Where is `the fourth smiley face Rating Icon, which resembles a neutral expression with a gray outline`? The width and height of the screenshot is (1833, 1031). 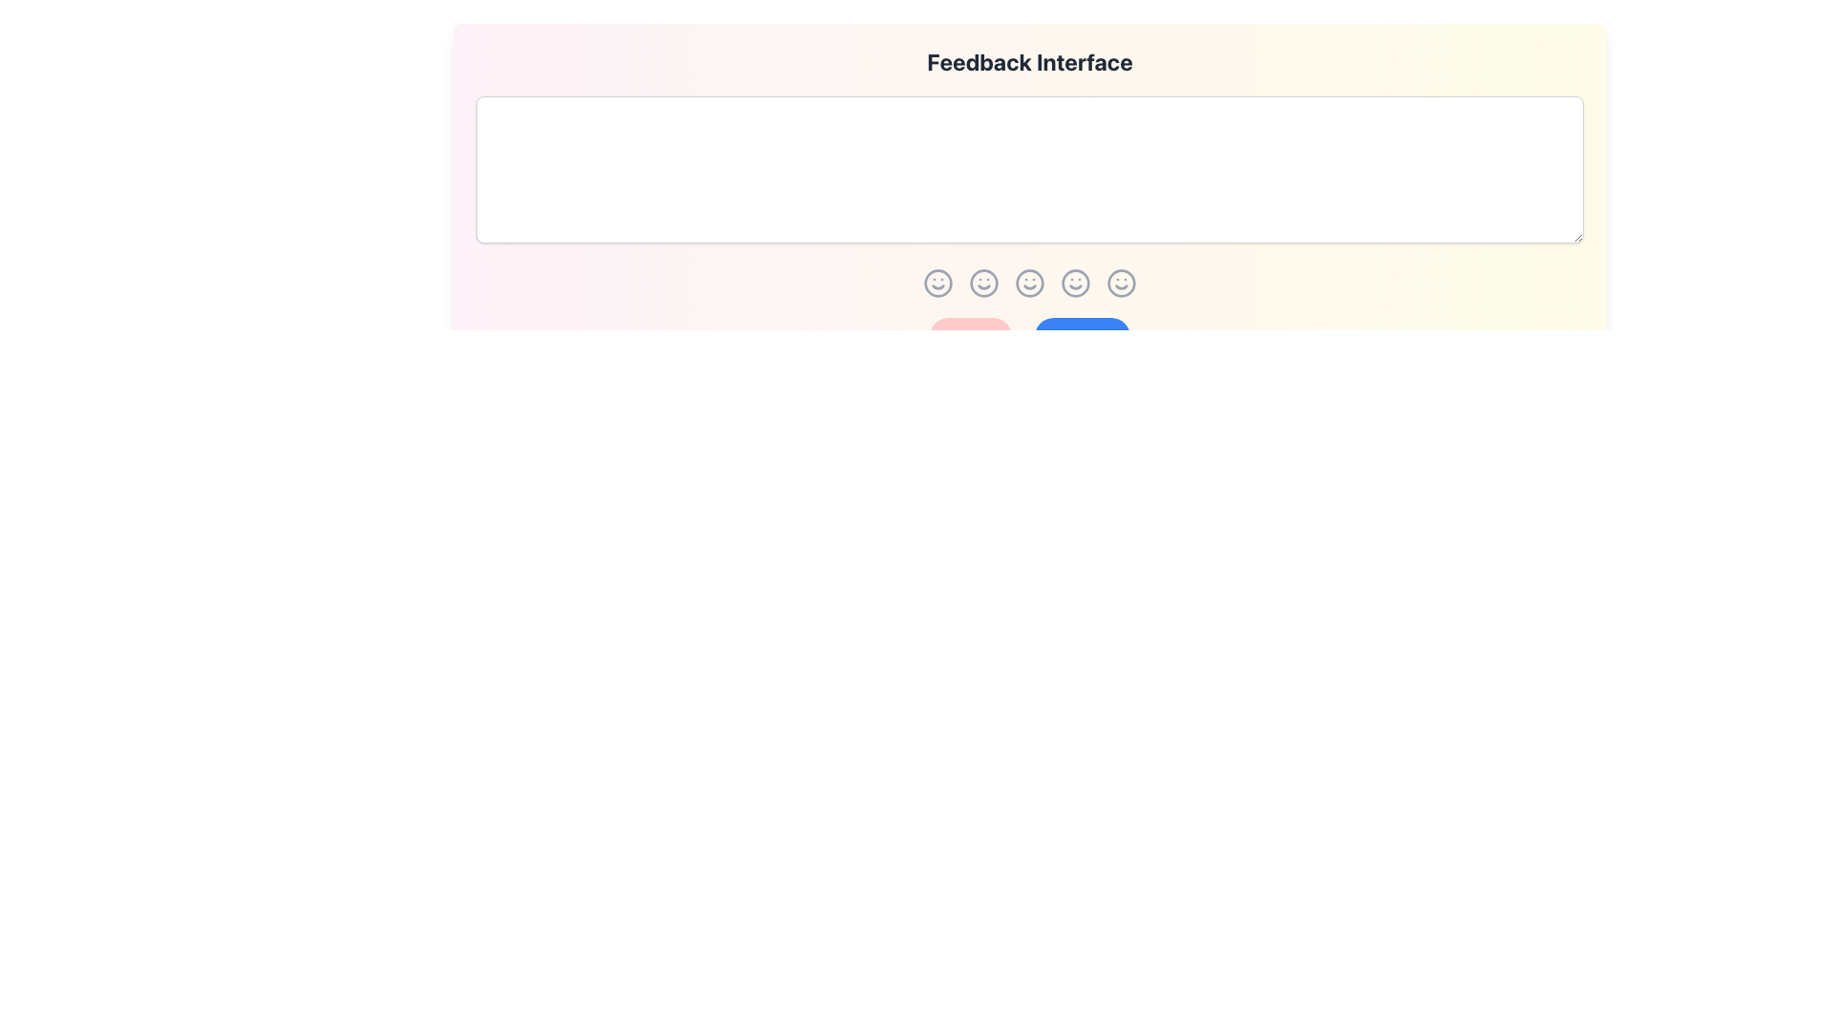
the fourth smiley face Rating Icon, which resembles a neutral expression with a gray outline is located at coordinates (1029, 284).